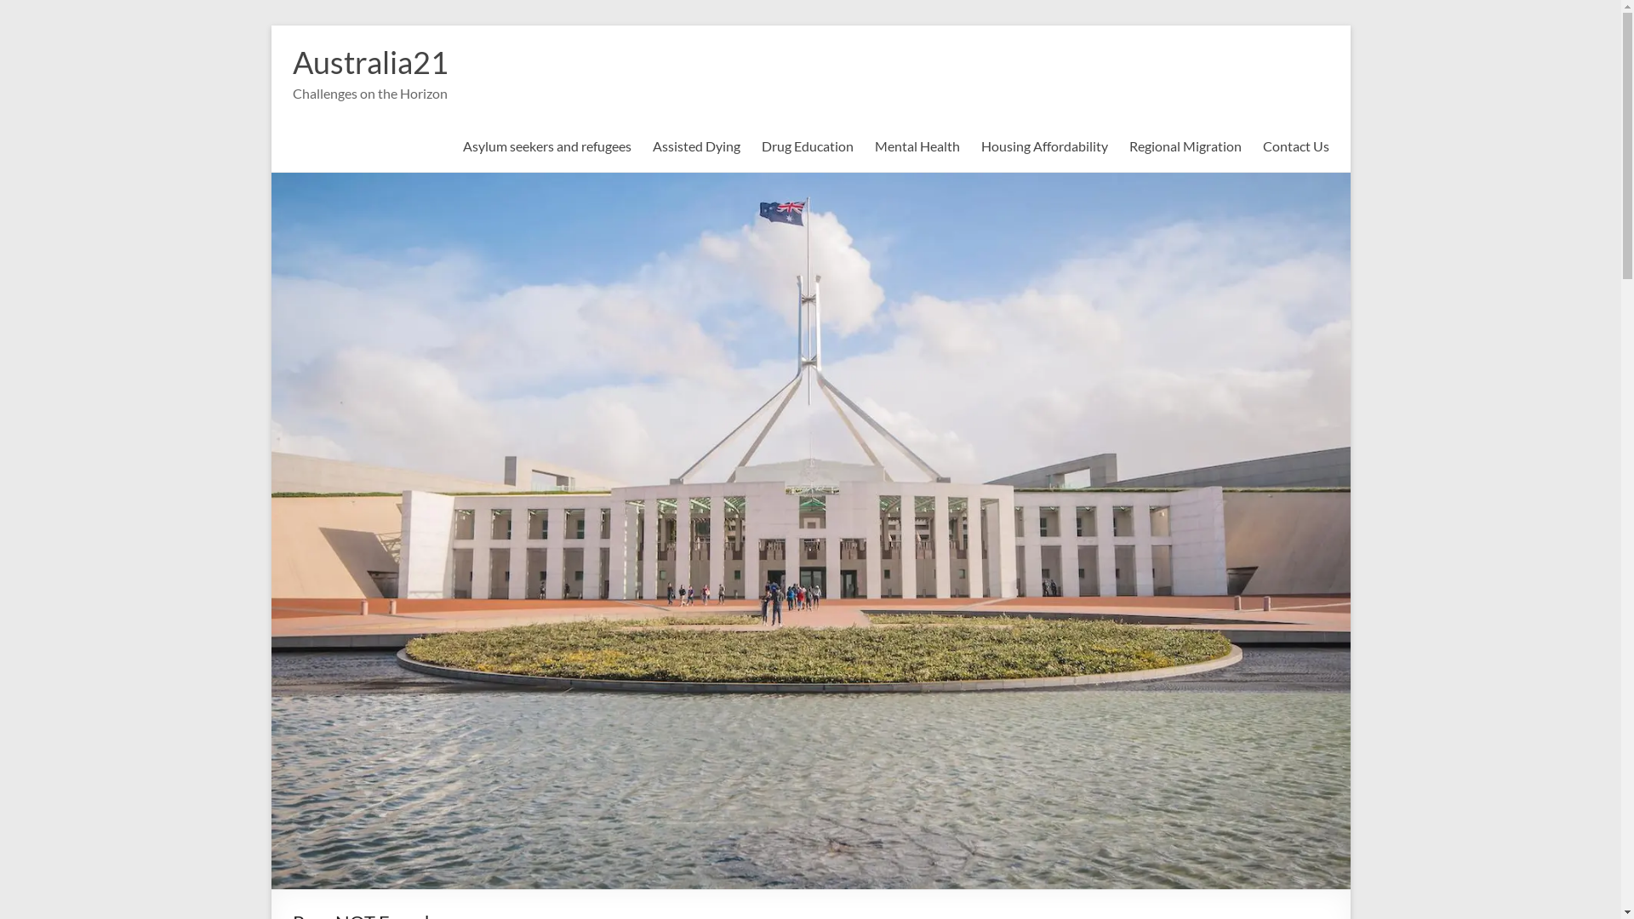  I want to click on 'Asylum seekers and refugees', so click(547, 146).